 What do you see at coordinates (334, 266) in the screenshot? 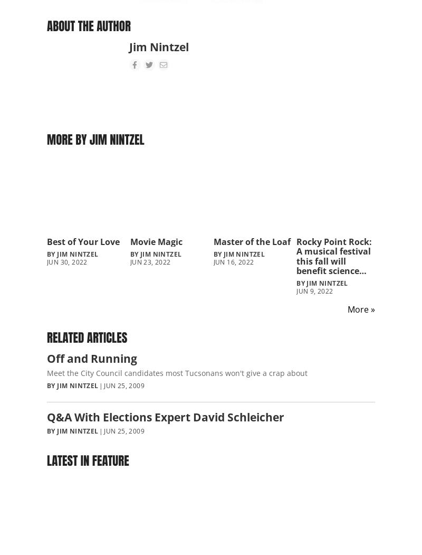
I see `'Rocky Point Rock: A musical festival this fall will benefit science field station CEDO in Puerto Peñasco'` at bounding box center [334, 266].